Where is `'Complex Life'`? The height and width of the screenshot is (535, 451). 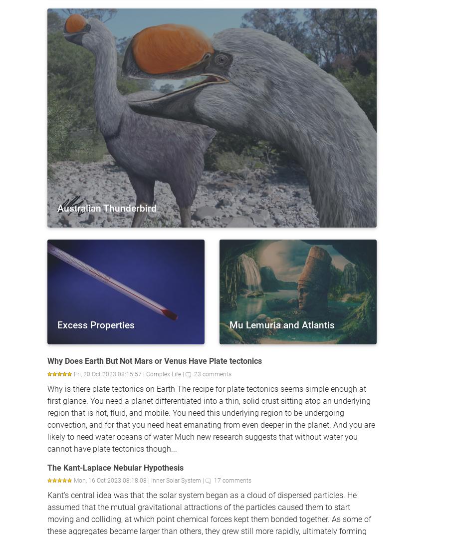 'Complex Life' is located at coordinates (146, 374).